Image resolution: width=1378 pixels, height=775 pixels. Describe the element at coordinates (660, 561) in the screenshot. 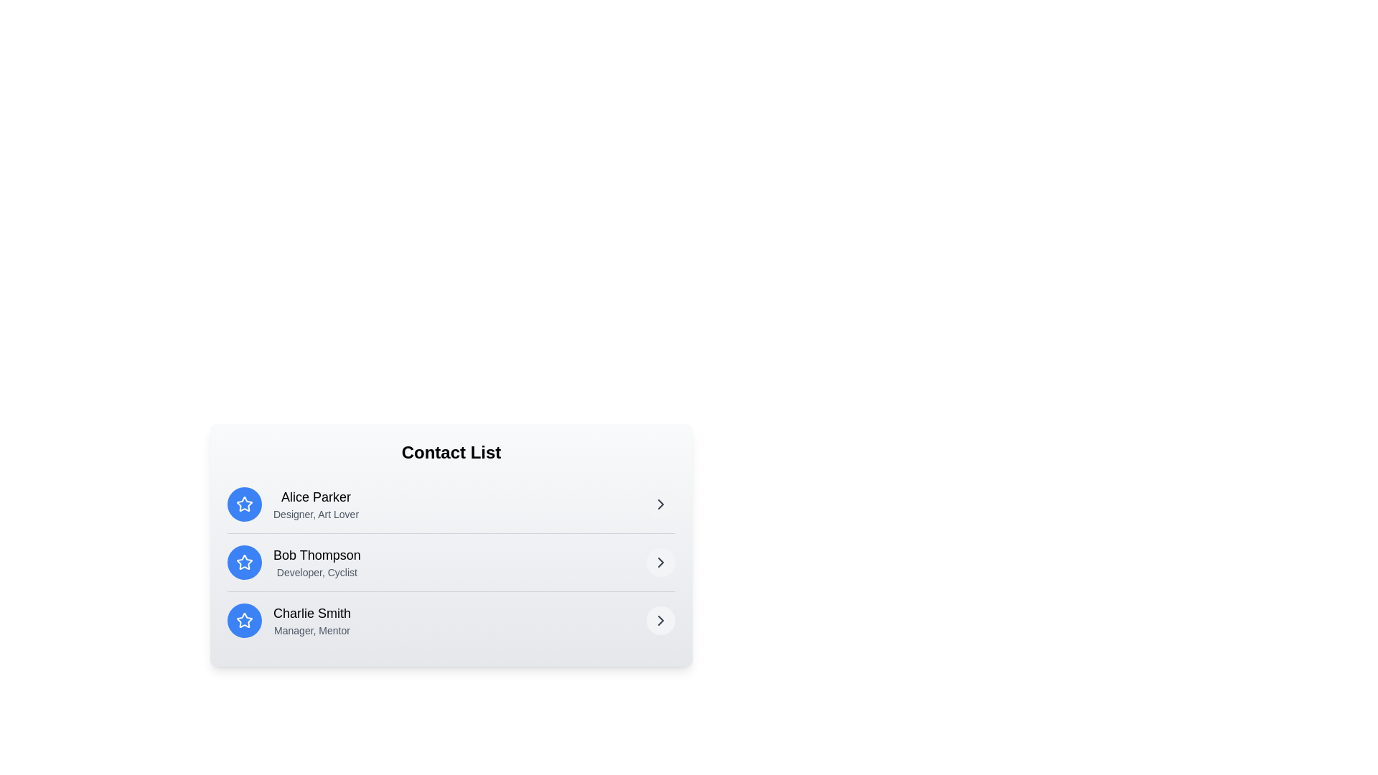

I see `the right arrow button for the contact Bob Thompson` at that location.